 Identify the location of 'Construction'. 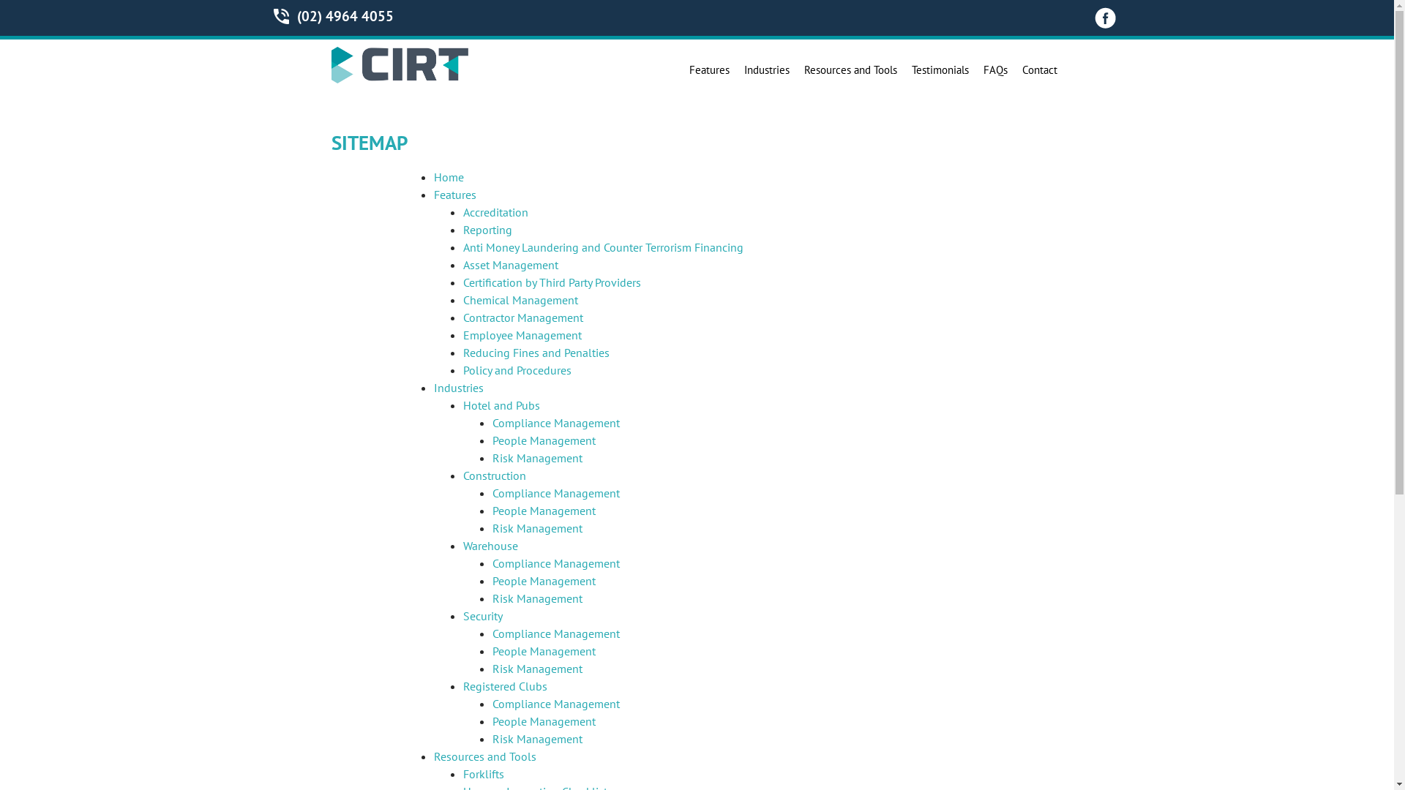
(494, 475).